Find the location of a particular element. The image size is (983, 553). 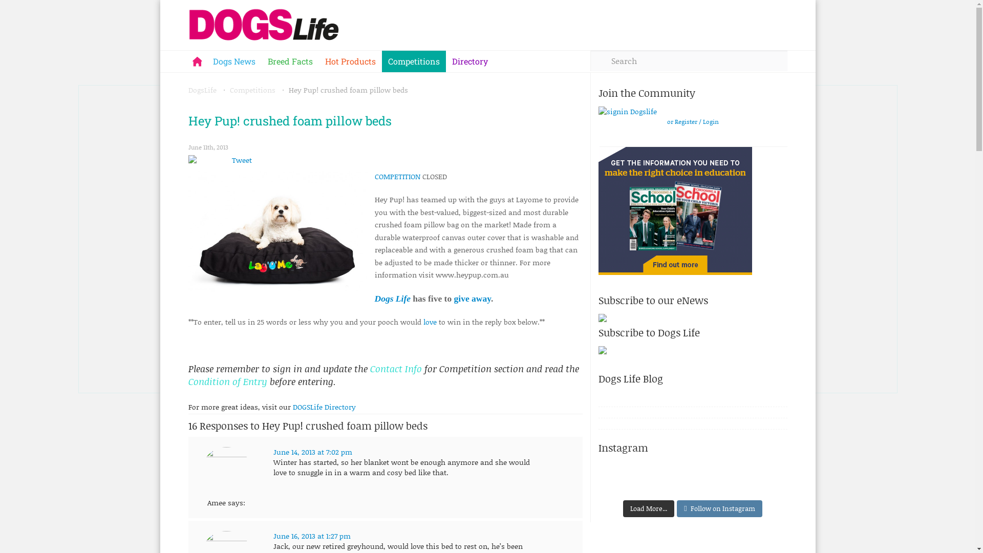

'Hot Products' is located at coordinates (318, 61).